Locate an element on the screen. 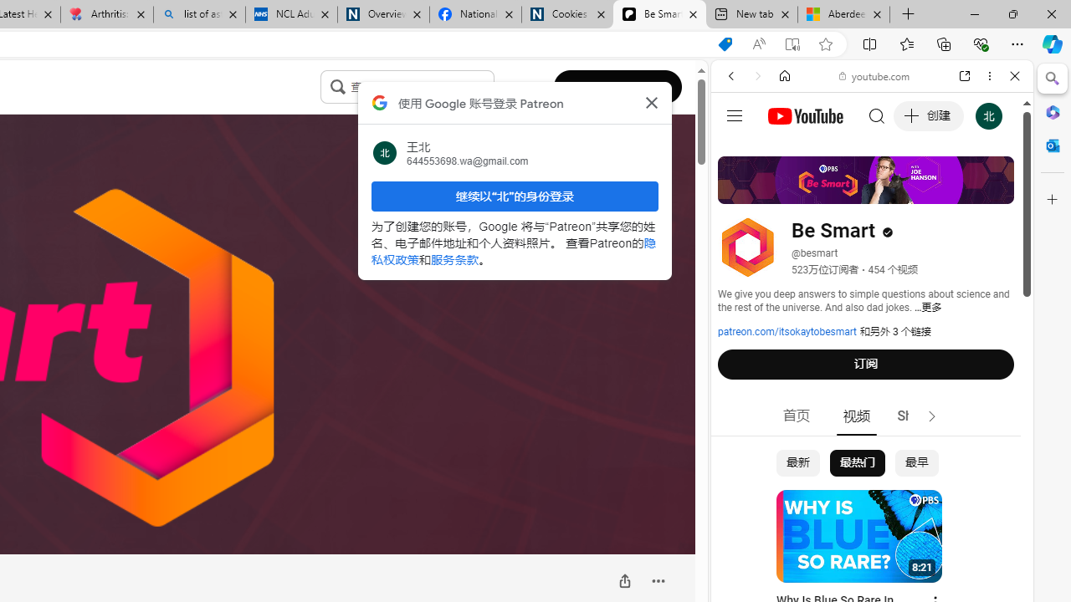  'Class: sc-jrQzAO inFiZu' is located at coordinates (336, 86).